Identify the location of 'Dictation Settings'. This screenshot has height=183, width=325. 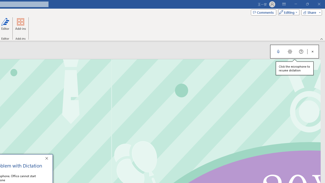
(290, 52).